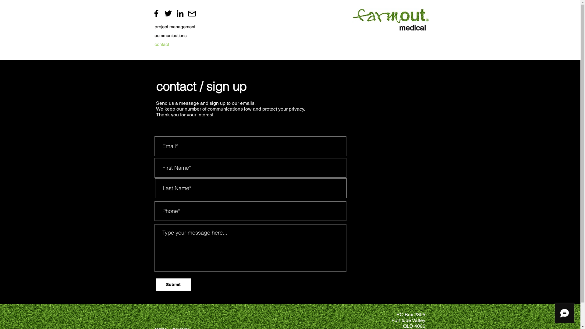 The width and height of the screenshot is (585, 329). Describe the element at coordinates (155, 285) in the screenshot. I see `'Submit'` at that location.